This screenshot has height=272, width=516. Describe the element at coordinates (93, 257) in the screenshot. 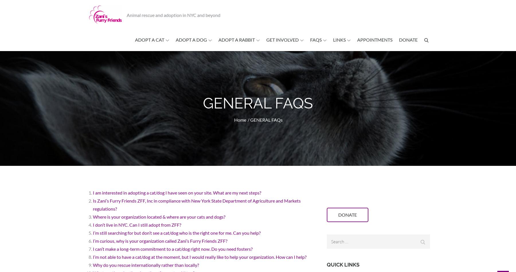

I see `'I’m not able to have a cat/dog at the moment, but I would really like to help your organization. How can I help?'` at that location.